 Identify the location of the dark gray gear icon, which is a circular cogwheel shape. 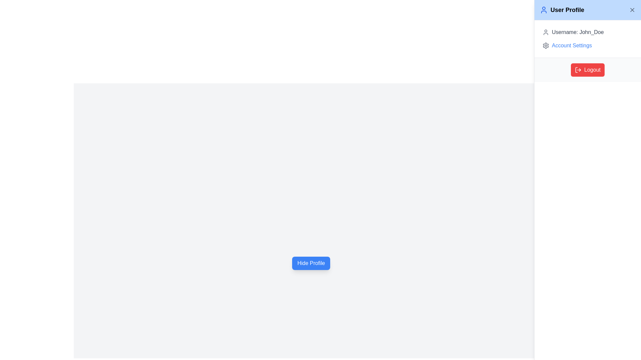
(546, 45).